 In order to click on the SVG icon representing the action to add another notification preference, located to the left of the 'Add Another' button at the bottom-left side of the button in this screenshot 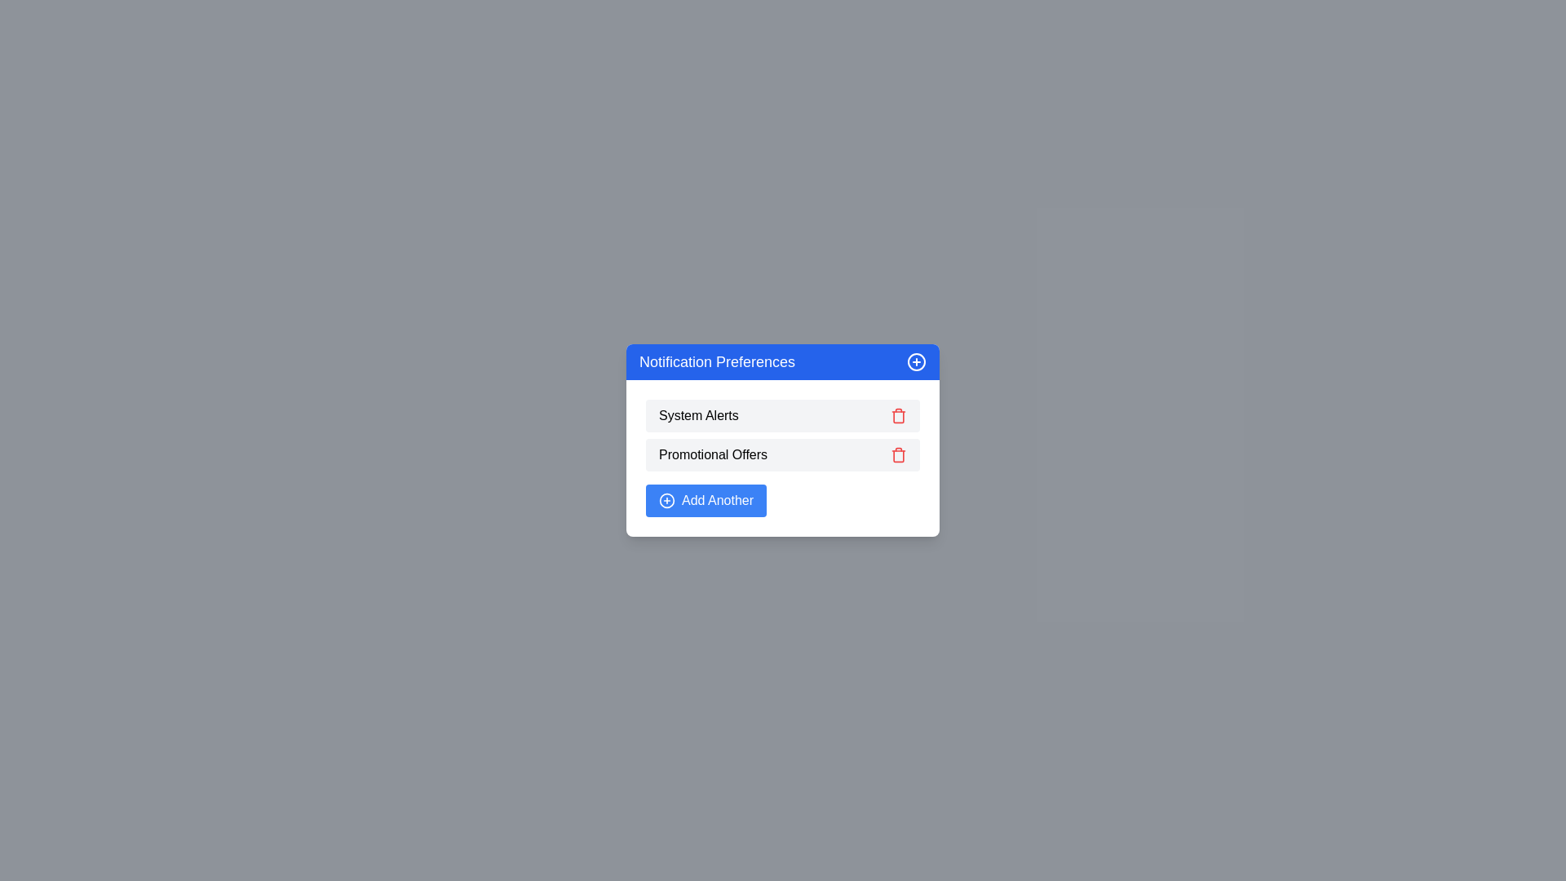, I will do `click(666, 499)`.